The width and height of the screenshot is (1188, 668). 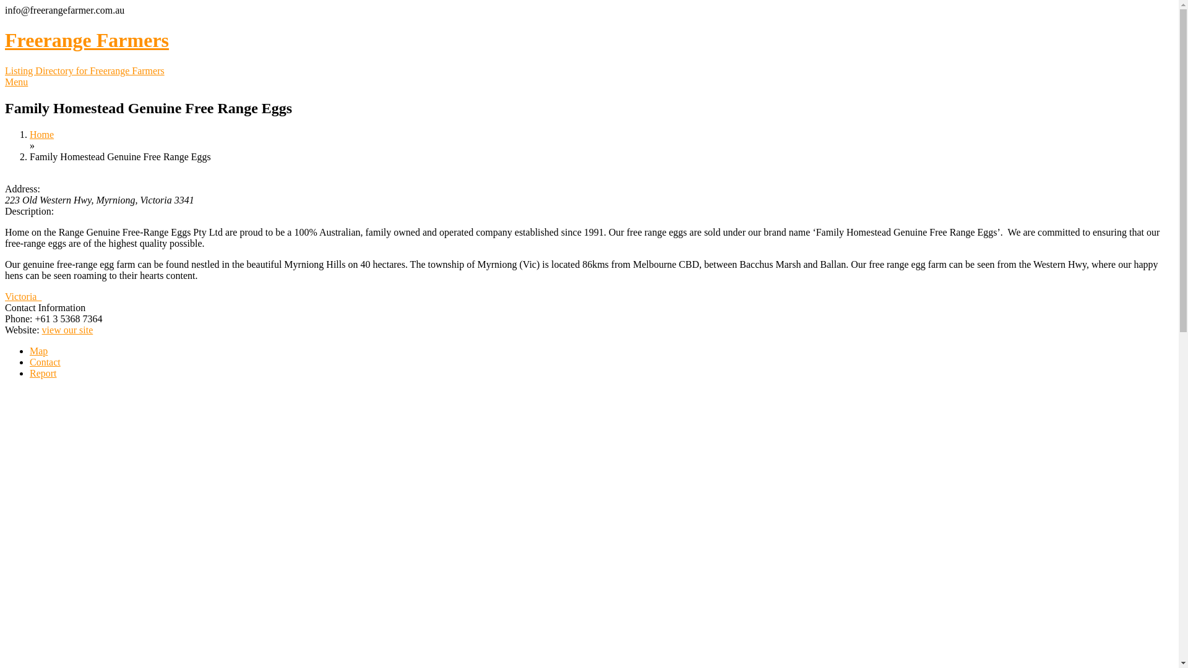 What do you see at coordinates (16, 82) in the screenshot?
I see `'Menu'` at bounding box center [16, 82].